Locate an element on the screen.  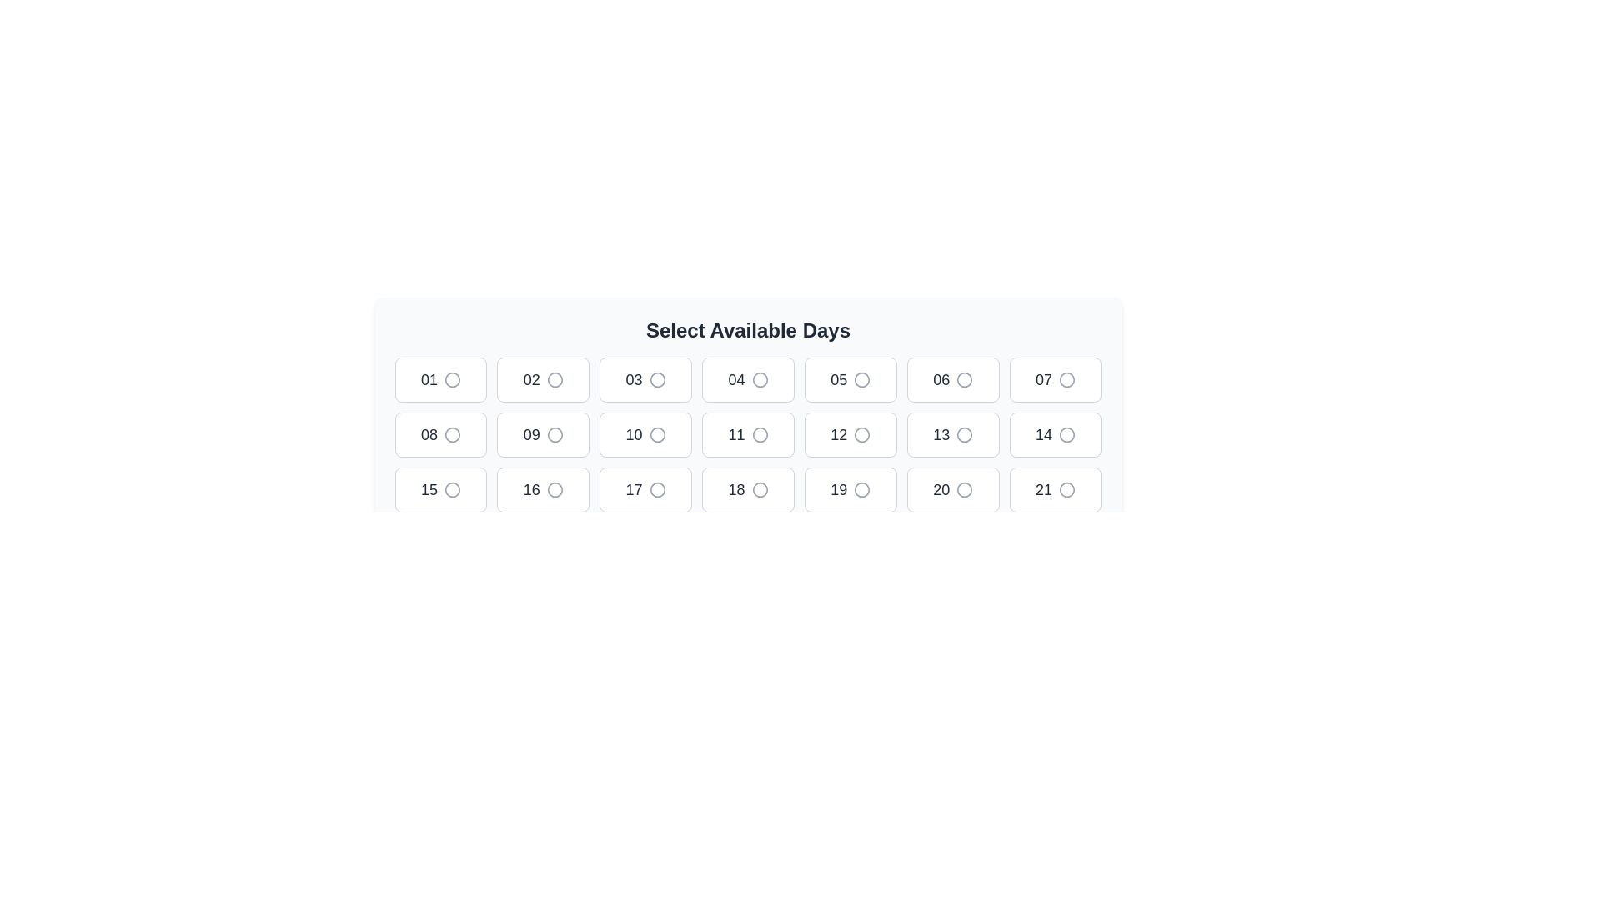
the radio button displaying '20' in bold, which is the sixth element is located at coordinates (953, 488).